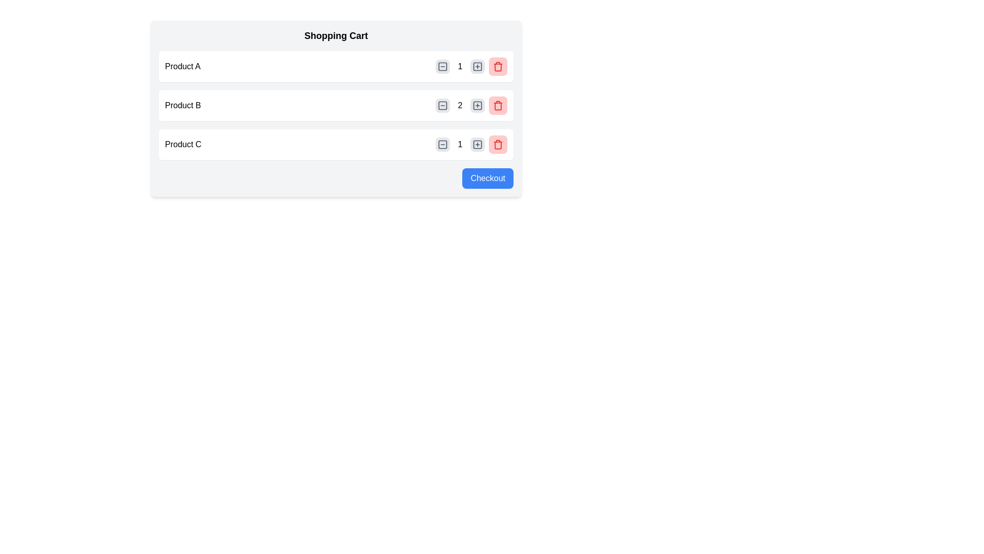 The width and height of the screenshot is (984, 554). Describe the element at coordinates (498, 144) in the screenshot. I see `the button with an icon for removing 'Product C' from the shopping cart` at that location.